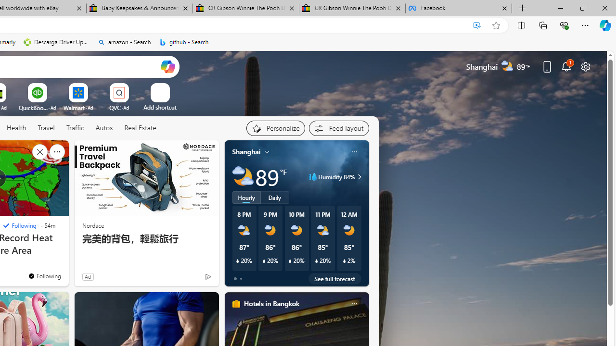  Describe the element at coordinates (246, 151) in the screenshot. I see `'Shanghai'` at that location.